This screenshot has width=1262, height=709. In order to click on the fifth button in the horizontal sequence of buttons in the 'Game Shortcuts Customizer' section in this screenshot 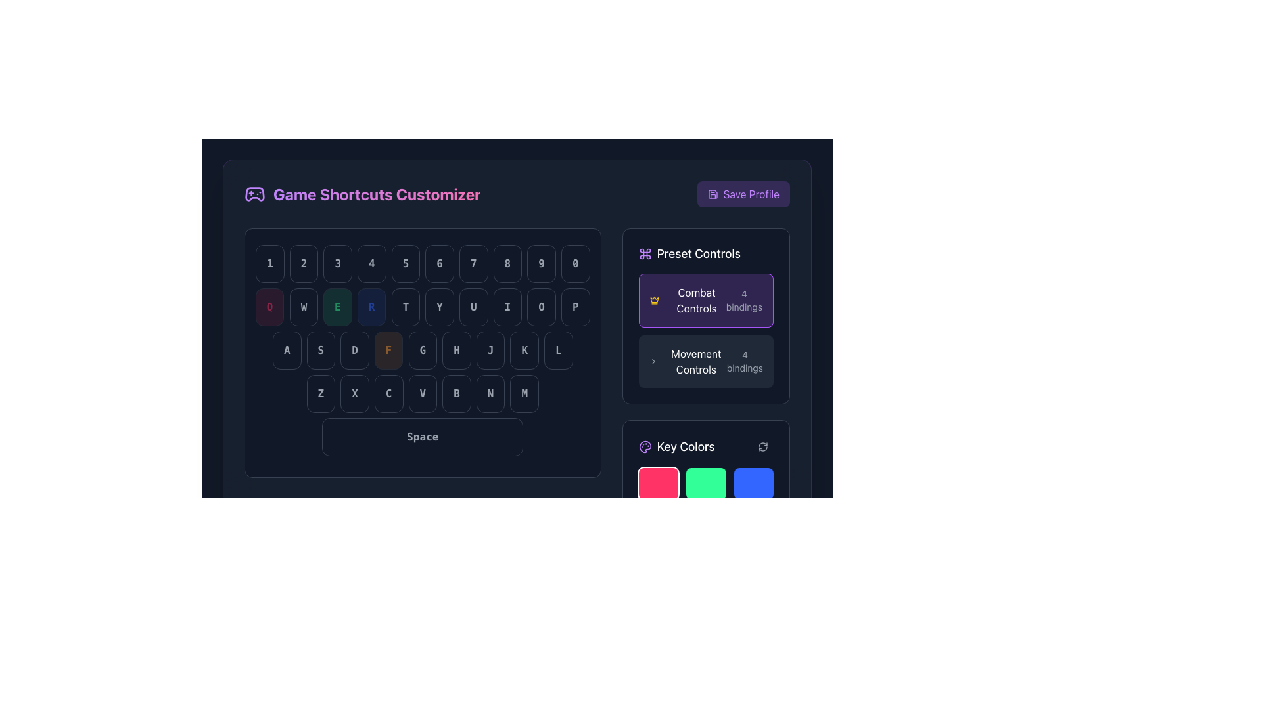, I will do `click(405, 263)`.